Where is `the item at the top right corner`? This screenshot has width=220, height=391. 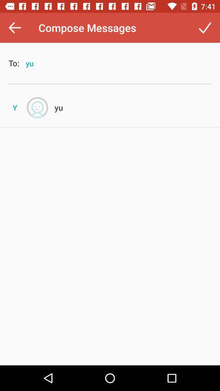
the item at the top right corner is located at coordinates (205, 28).